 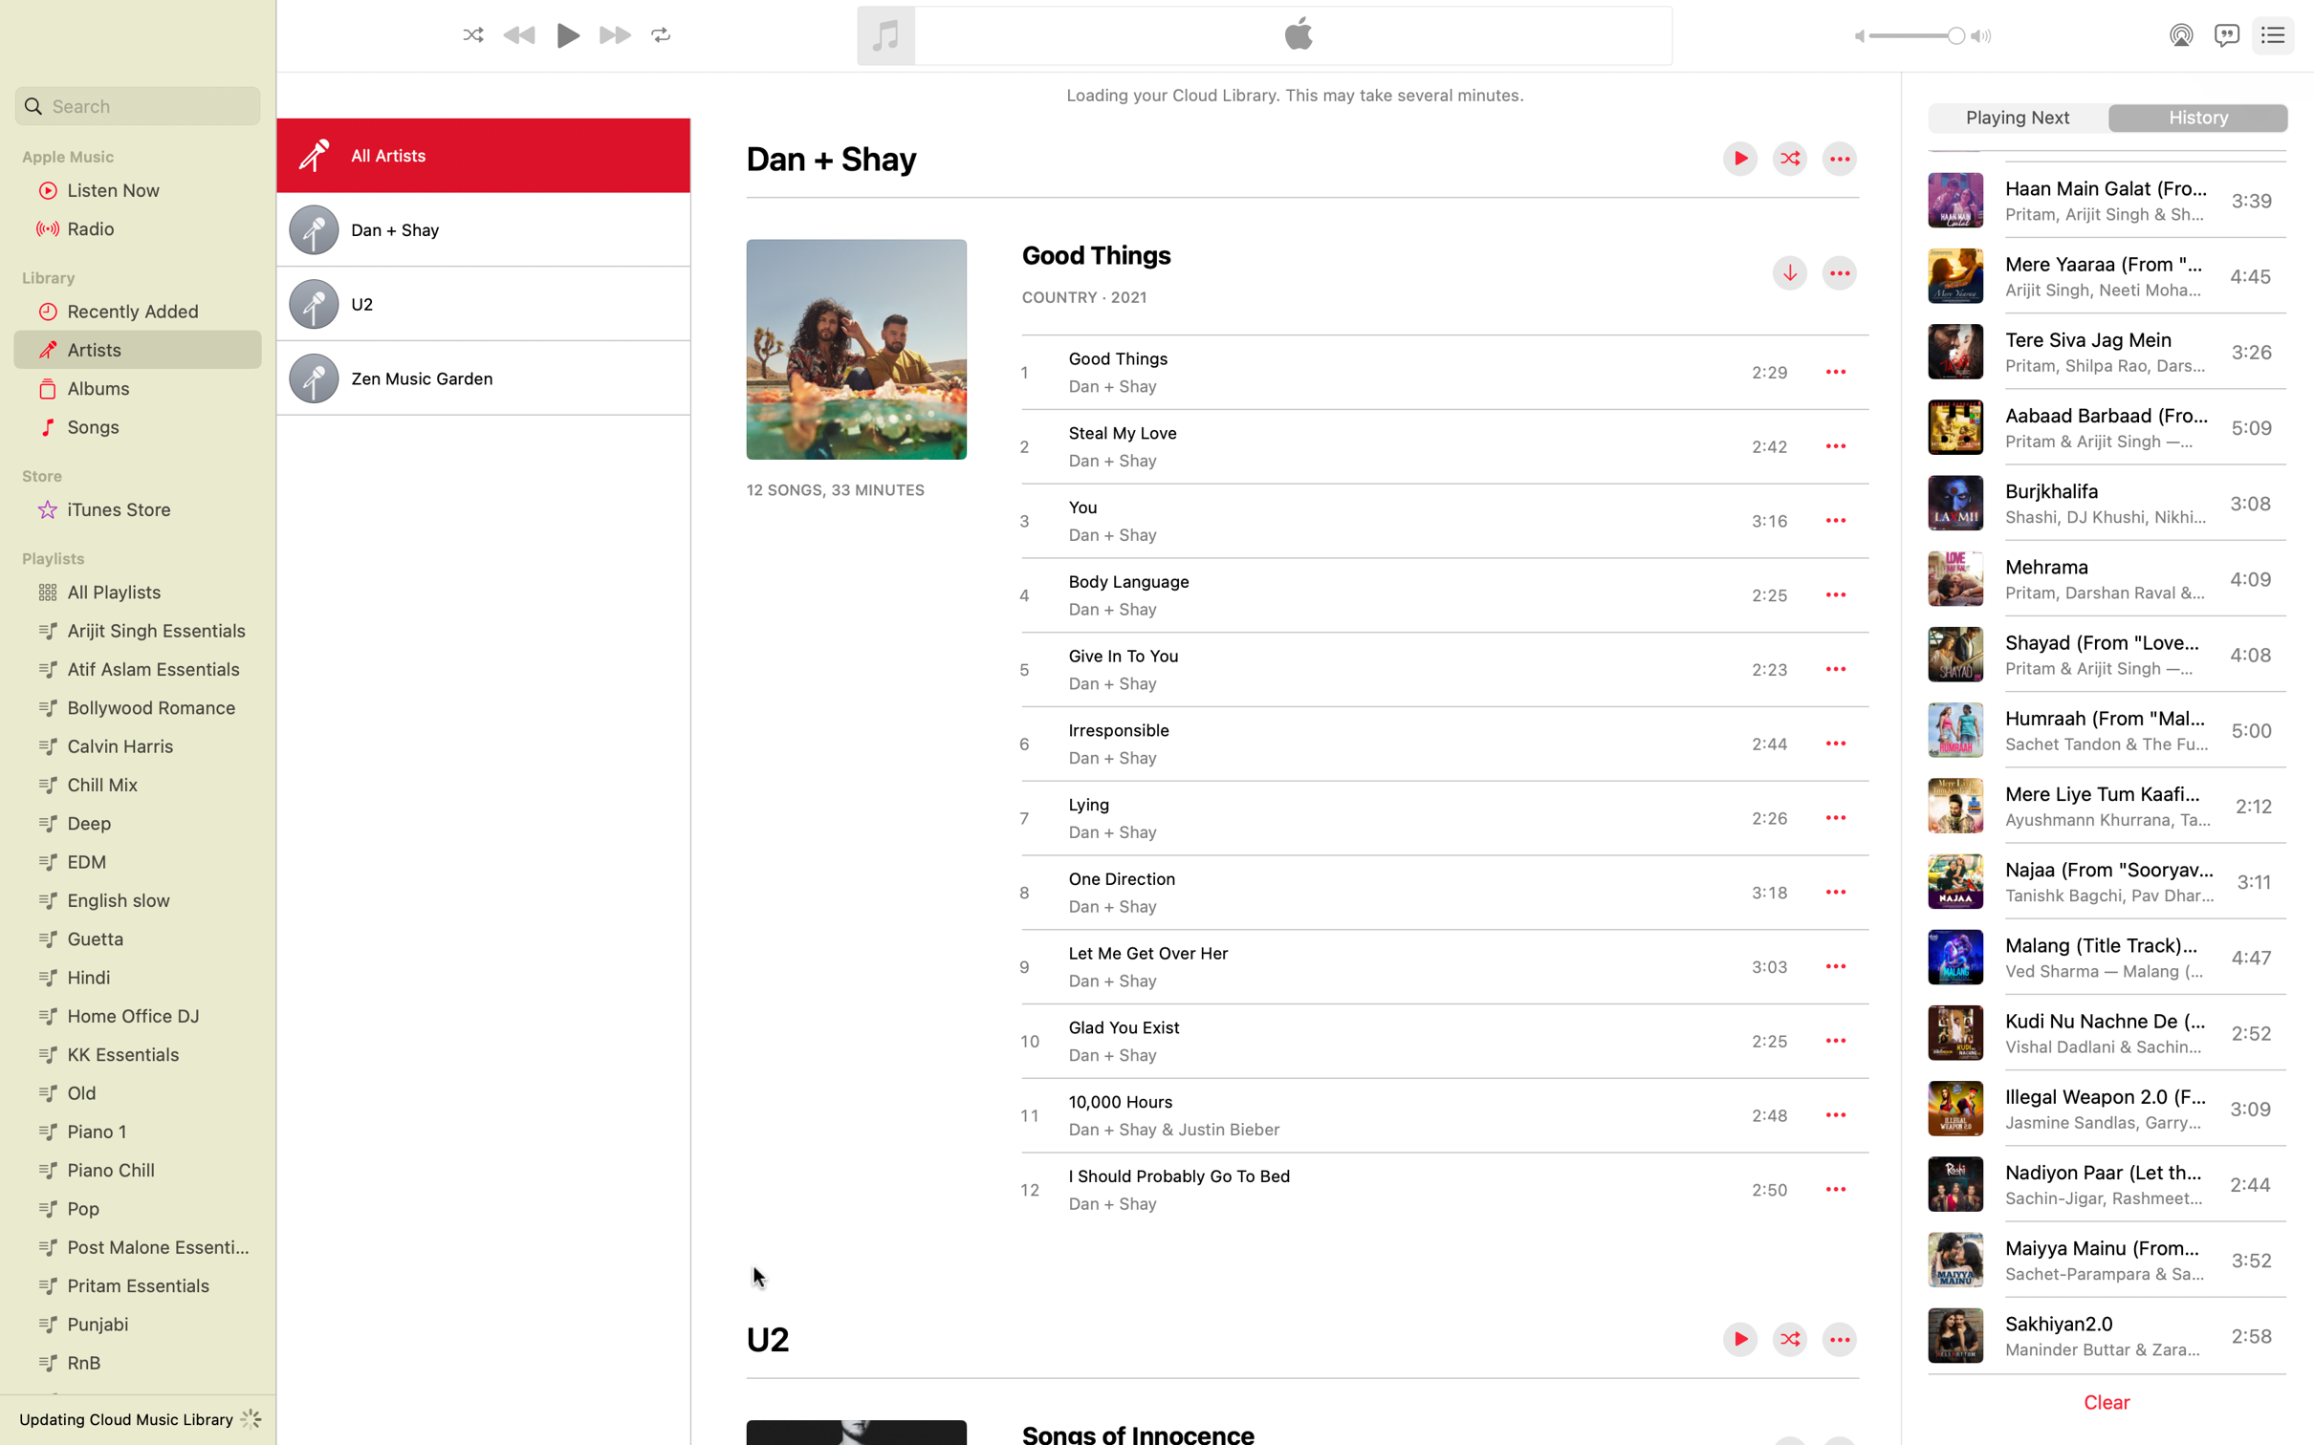 What do you see at coordinates (1401, 743) in the screenshot?
I see `Activate the music track "Irresponsible` at bounding box center [1401, 743].